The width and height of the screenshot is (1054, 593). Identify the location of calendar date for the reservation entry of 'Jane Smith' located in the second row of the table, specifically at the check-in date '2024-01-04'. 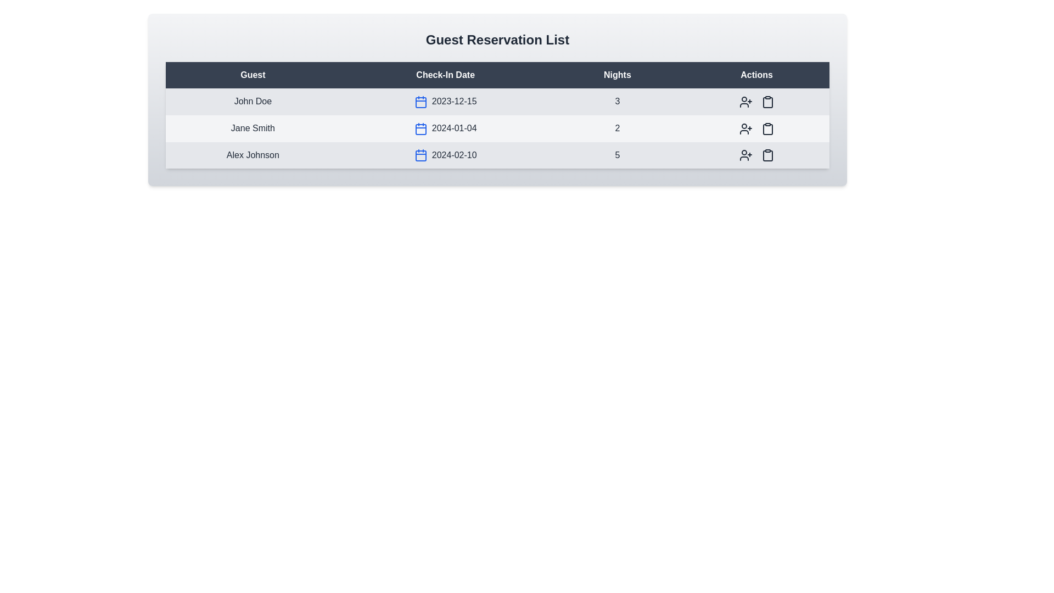
(497, 128).